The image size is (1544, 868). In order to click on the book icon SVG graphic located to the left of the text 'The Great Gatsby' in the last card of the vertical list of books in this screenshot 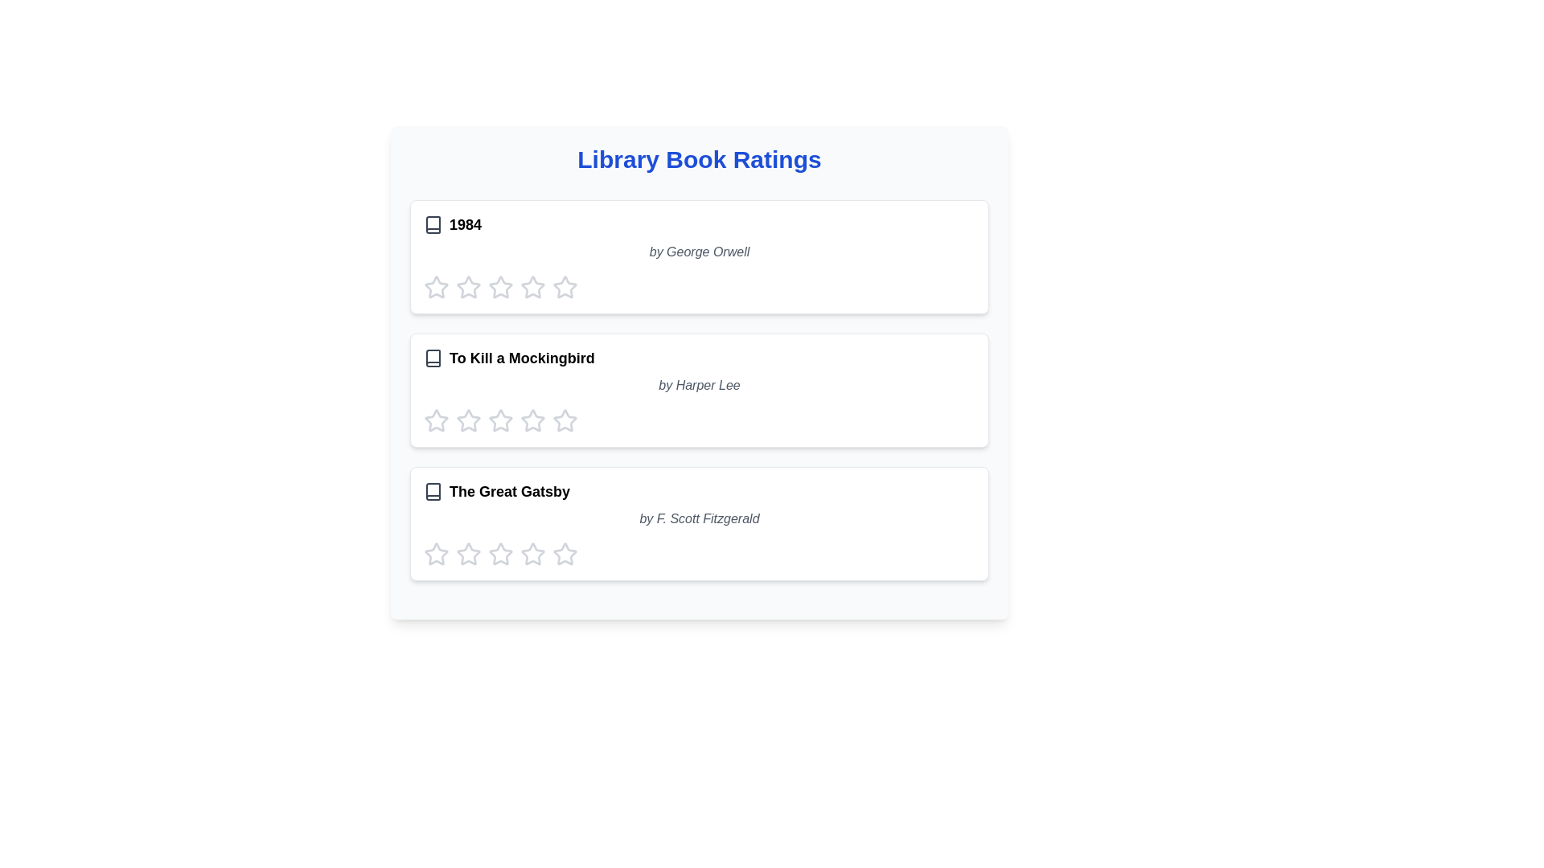, I will do `click(433, 491)`.